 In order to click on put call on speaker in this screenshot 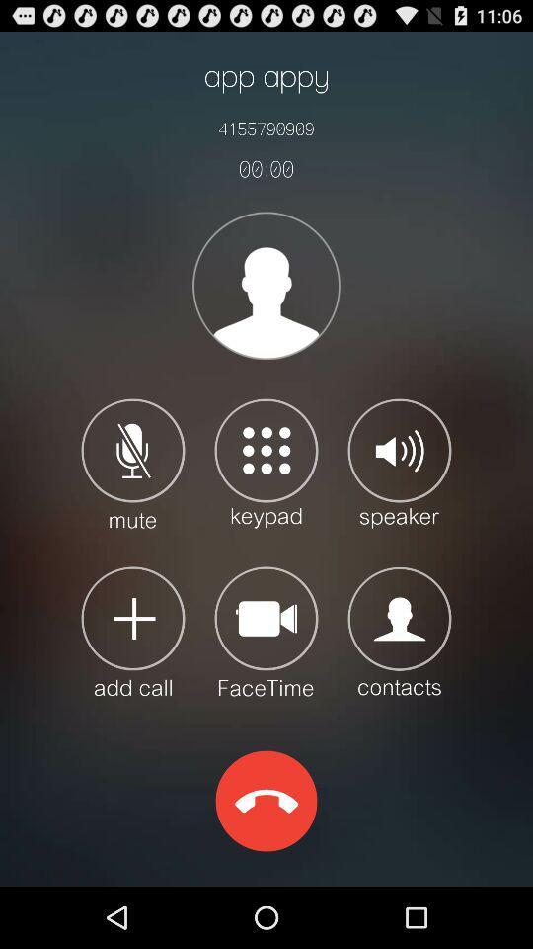, I will do `click(400, 463)`.